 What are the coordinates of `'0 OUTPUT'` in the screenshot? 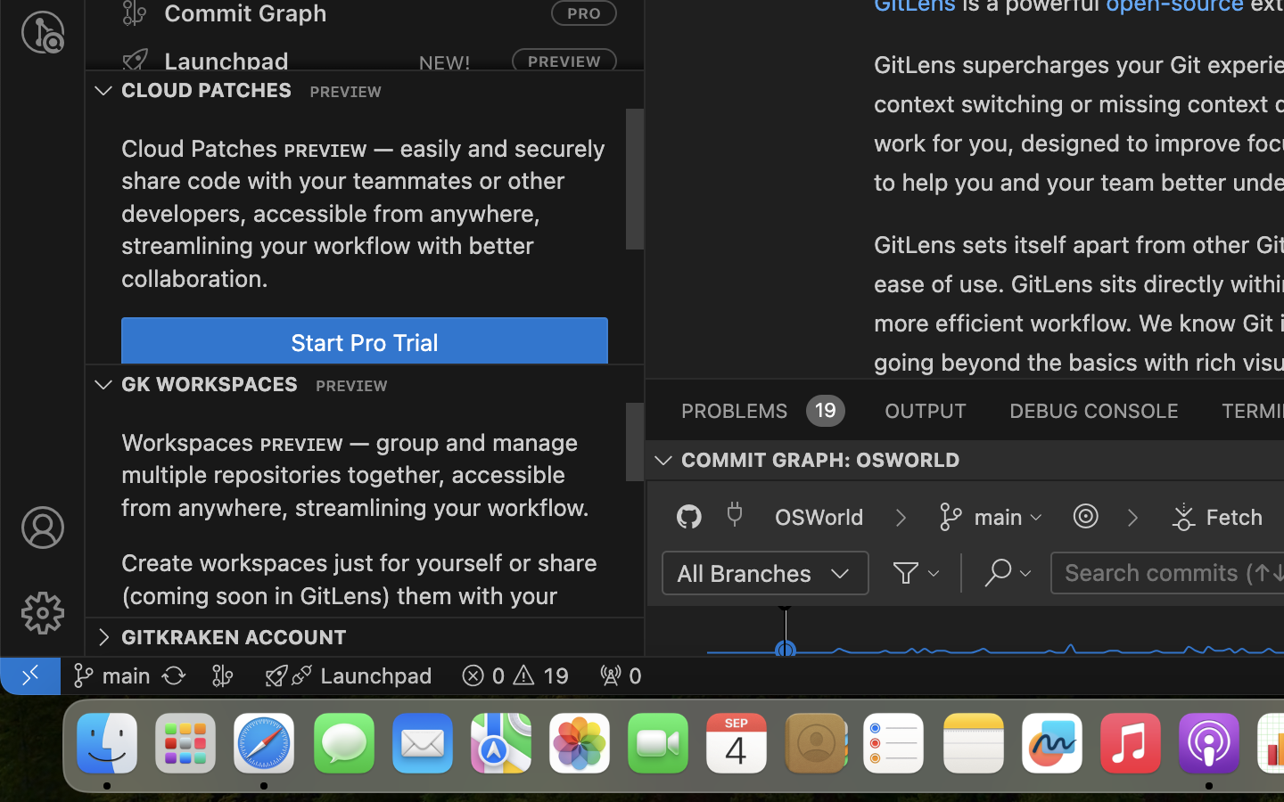 It's located at (926, 408).